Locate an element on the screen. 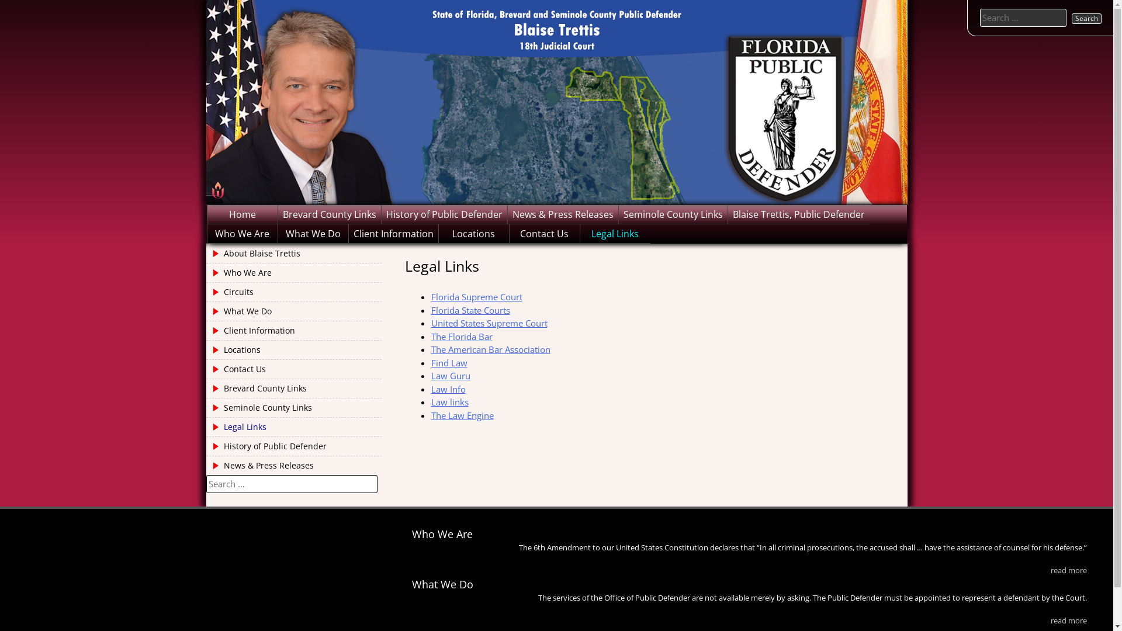 This screenshot has width=1122, height=631. 'News & Press Releases' is located at coordinates (562, 214).